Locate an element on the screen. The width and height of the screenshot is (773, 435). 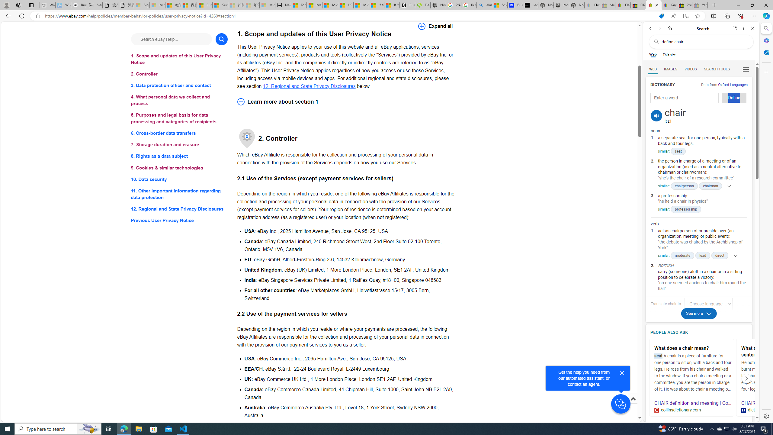
'moderate' is located at coordinates (682, 256).